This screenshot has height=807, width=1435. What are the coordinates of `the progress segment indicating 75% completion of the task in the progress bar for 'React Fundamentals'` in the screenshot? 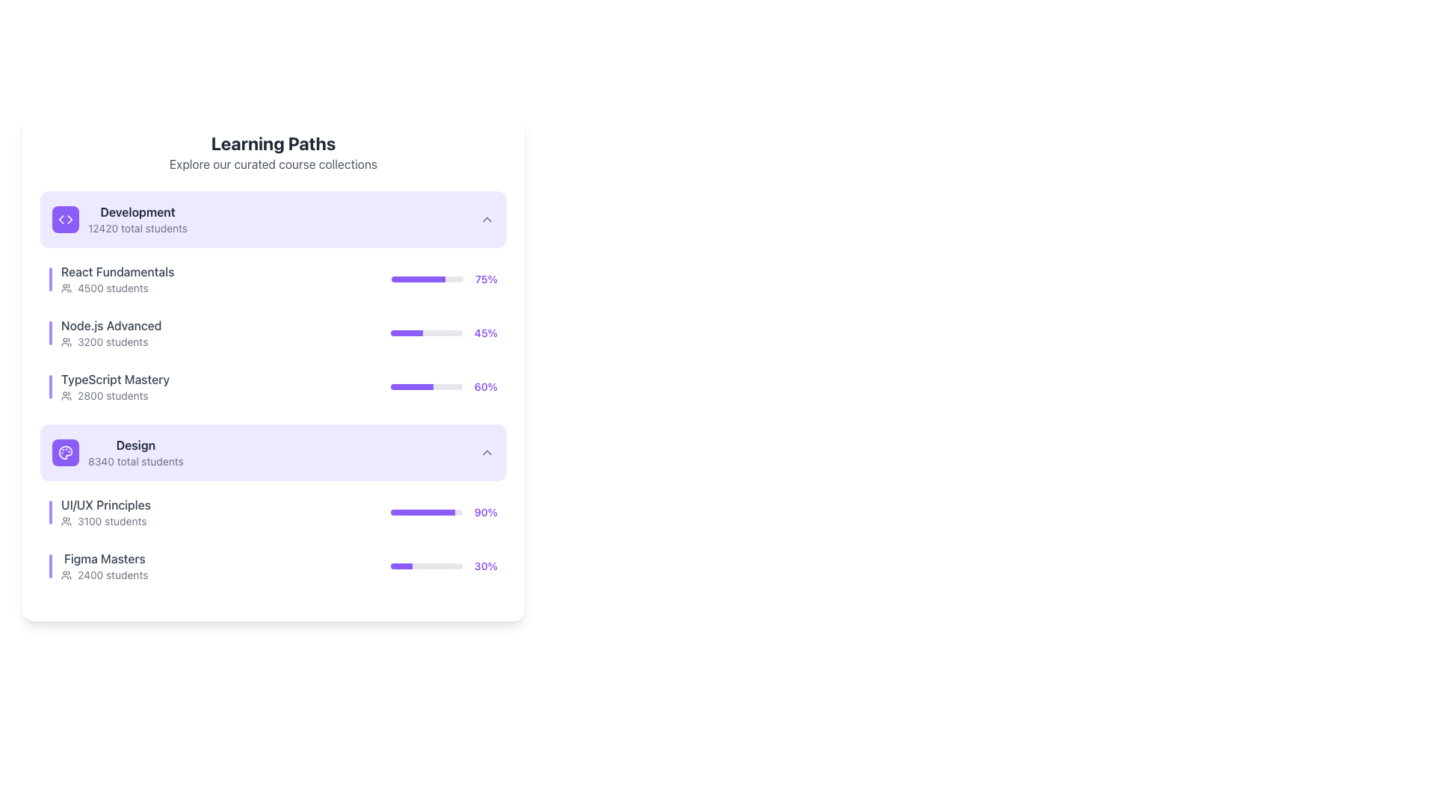 It's located at (419, 279).